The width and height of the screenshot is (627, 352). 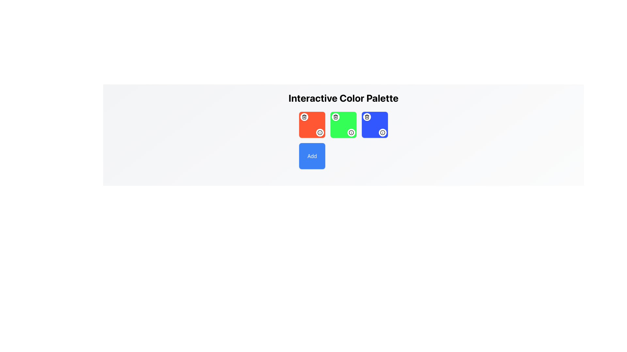 What do you see at coordinates (351, 132) in the screenshot?
I see `the information button located in the bottom-right corner of the green tile in the Interactive Color Palette grid` at bounding box center [351, 132].